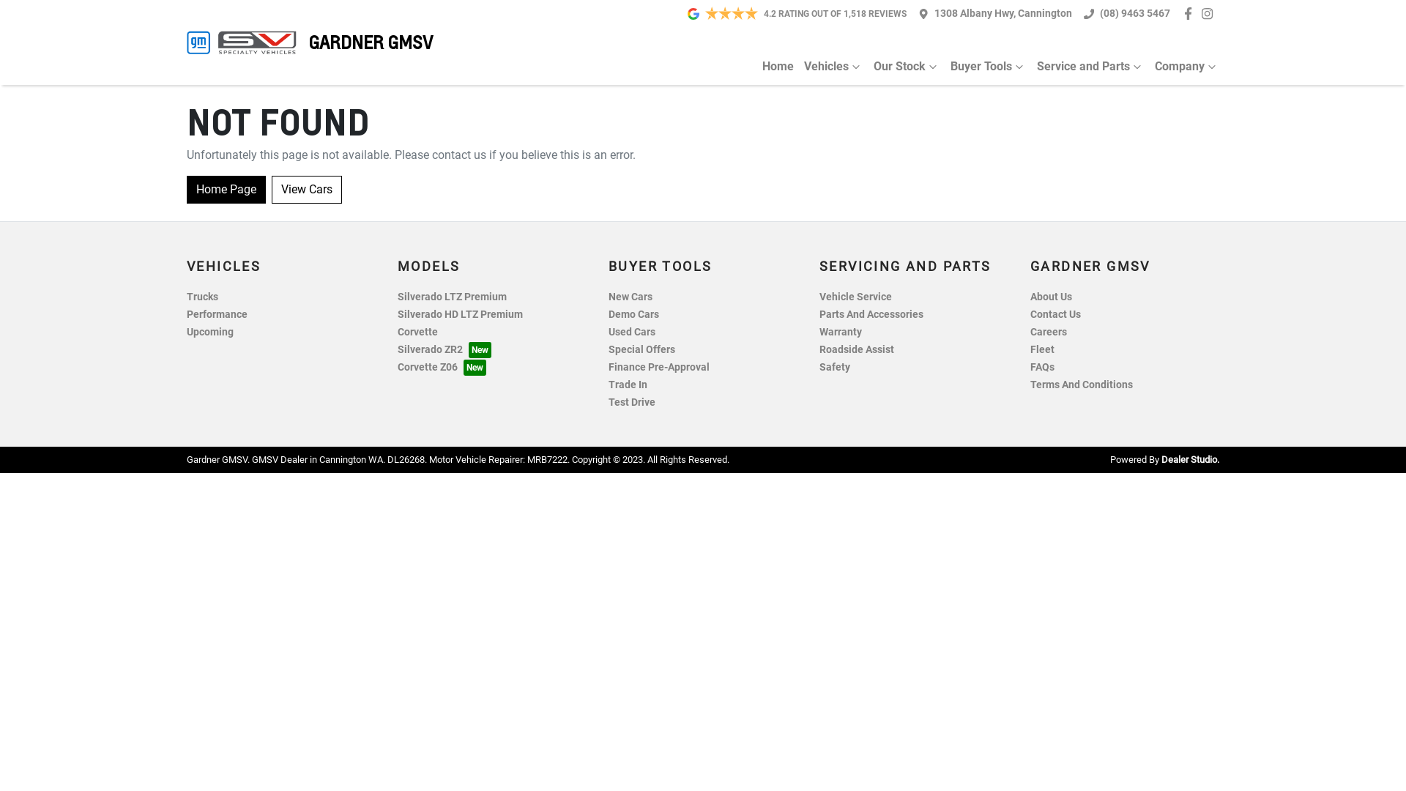 The image size is (1406, 791). Describe the element at coordinates (871, 313) in the screenshot. I see `'Parts And Accessories'` at that location.